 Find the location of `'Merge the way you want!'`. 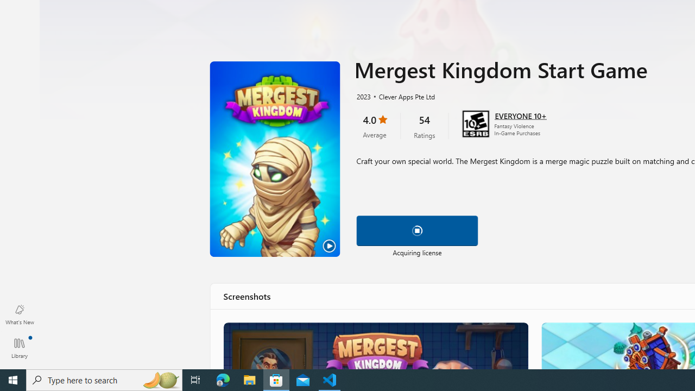

'Merge the way you want!' is located at coordinates (375, 345).